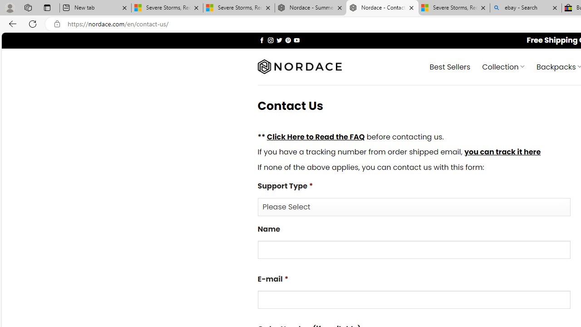 This screenshot has width=581, height=327. Describe the element at coordinates (414, 250) in the screenshot. I see `'Name'` at that location.